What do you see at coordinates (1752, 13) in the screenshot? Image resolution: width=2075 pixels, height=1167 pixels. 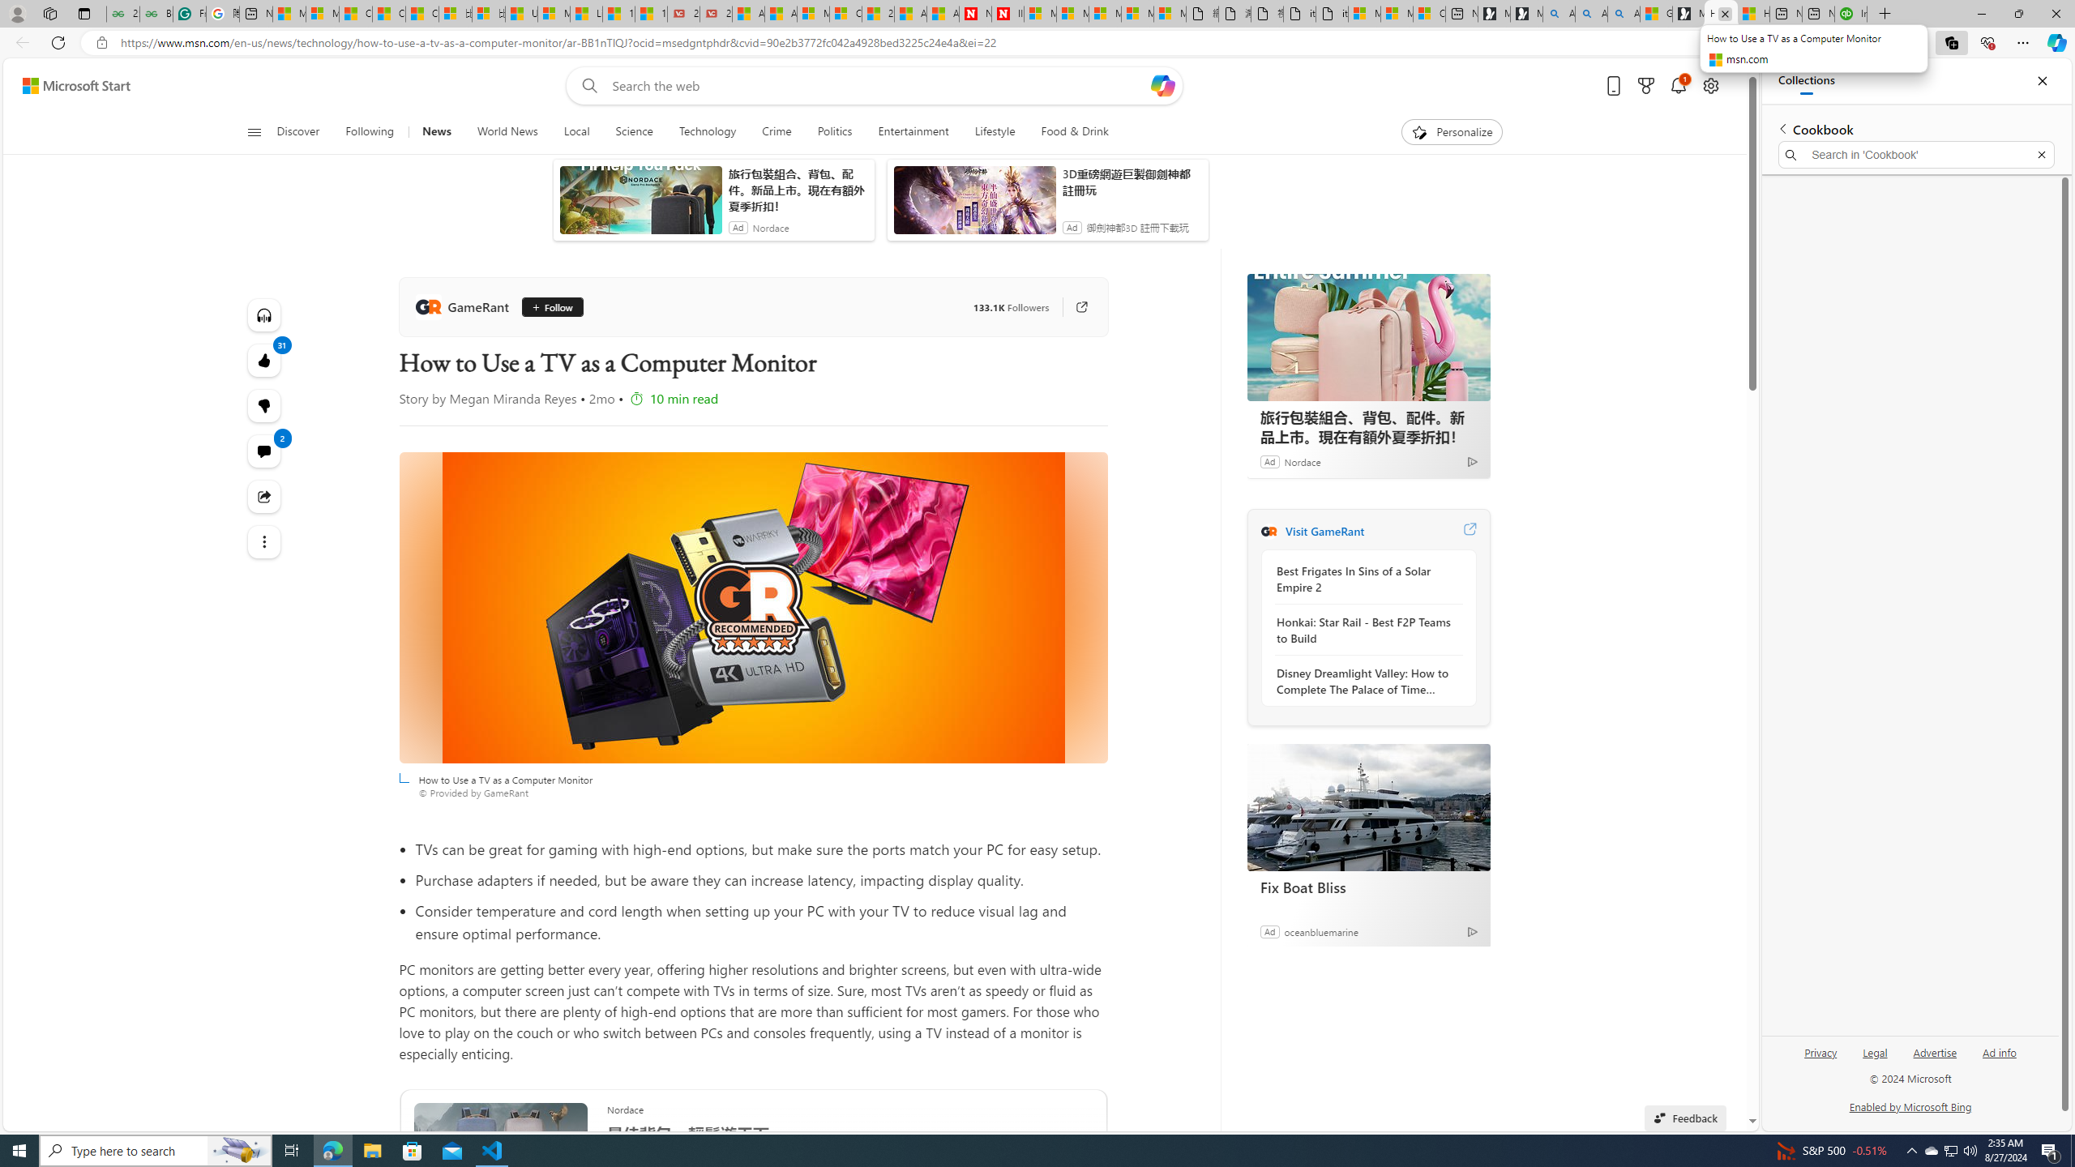 I see `'How to Use a TV as a Computer Monitor'` at bounding box center [1752, 13].